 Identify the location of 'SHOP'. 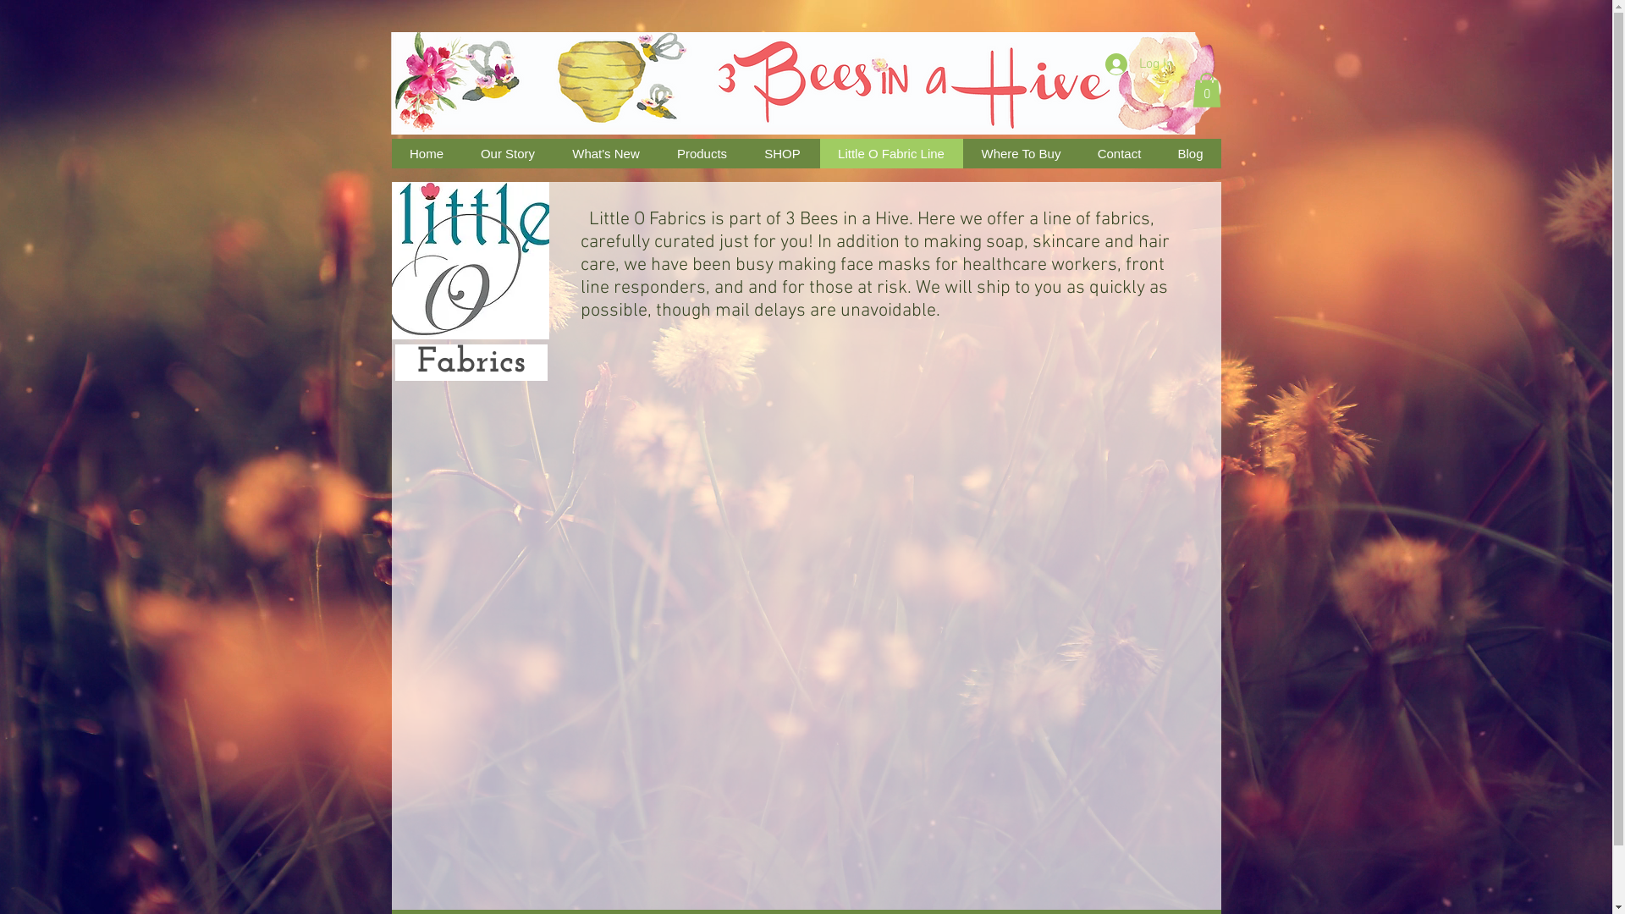
(780, 153).